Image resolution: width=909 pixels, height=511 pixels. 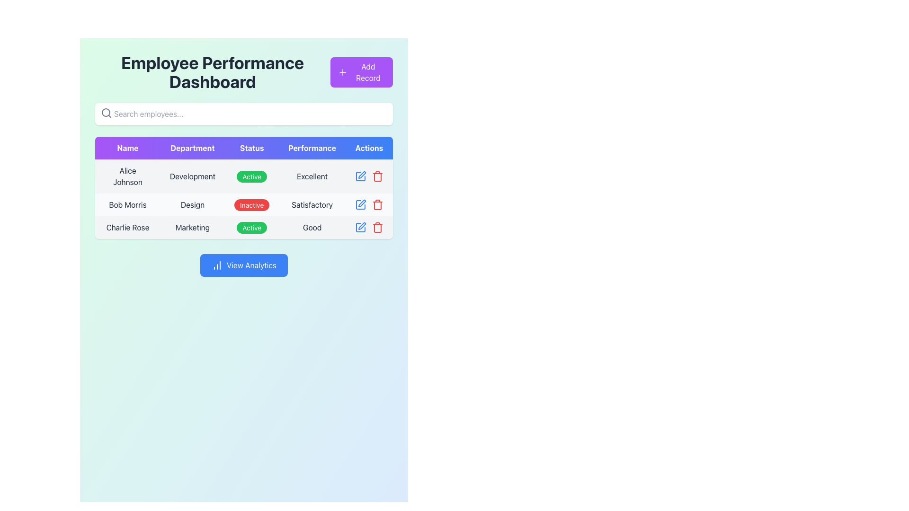 What do you see at coordinates (127, 176) in the screenshot?
I see `the employee's name text label located in the first cell of the first row of the table, directly beneath the 'Name' header` at bounding box center [127, 176].